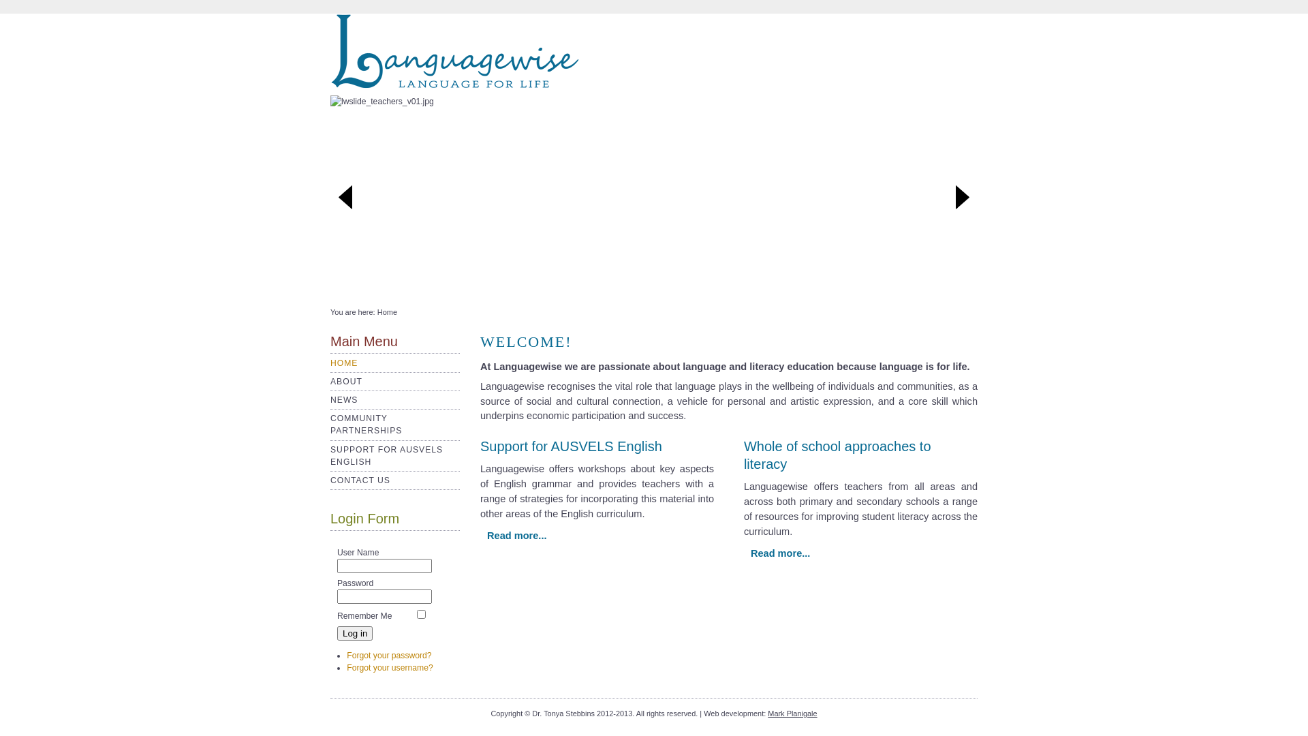 The width and height of the screenshot is (1308, 736). Describe the element at coordinates (330, 424) in the screenshot. I see `'COMMUNITY PARTNERSHIPS'` at that location.